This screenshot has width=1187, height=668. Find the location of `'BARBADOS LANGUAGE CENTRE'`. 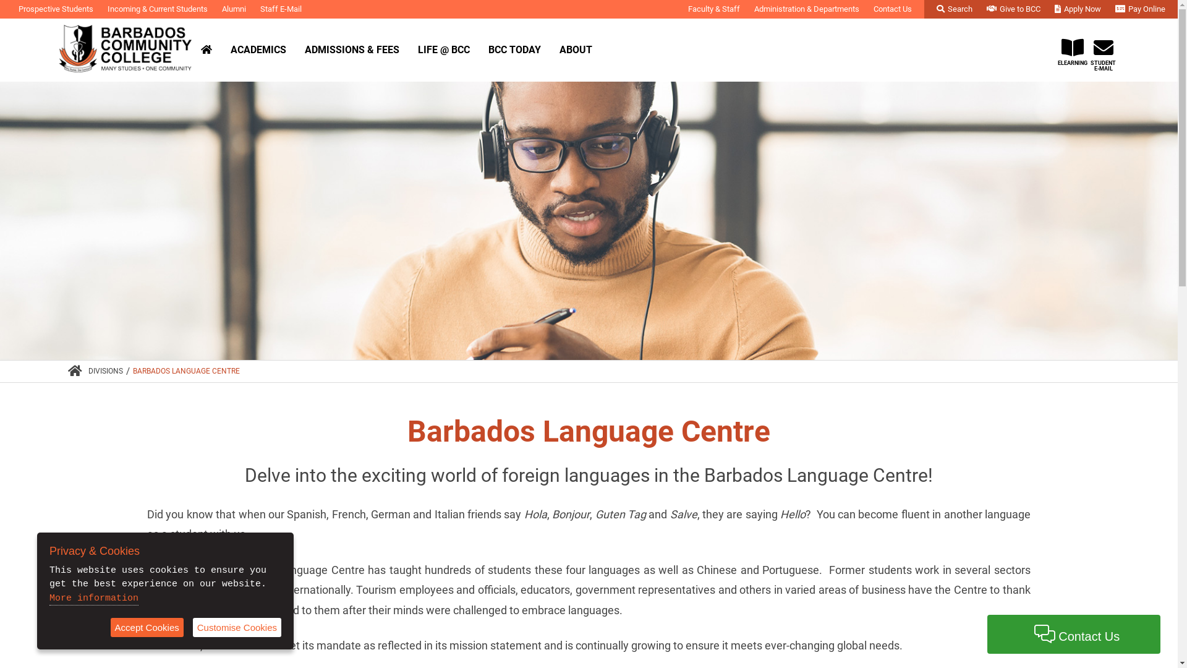

'BARBADOS LANGUAGE CENTRE' is located at coordinates (185, 370).